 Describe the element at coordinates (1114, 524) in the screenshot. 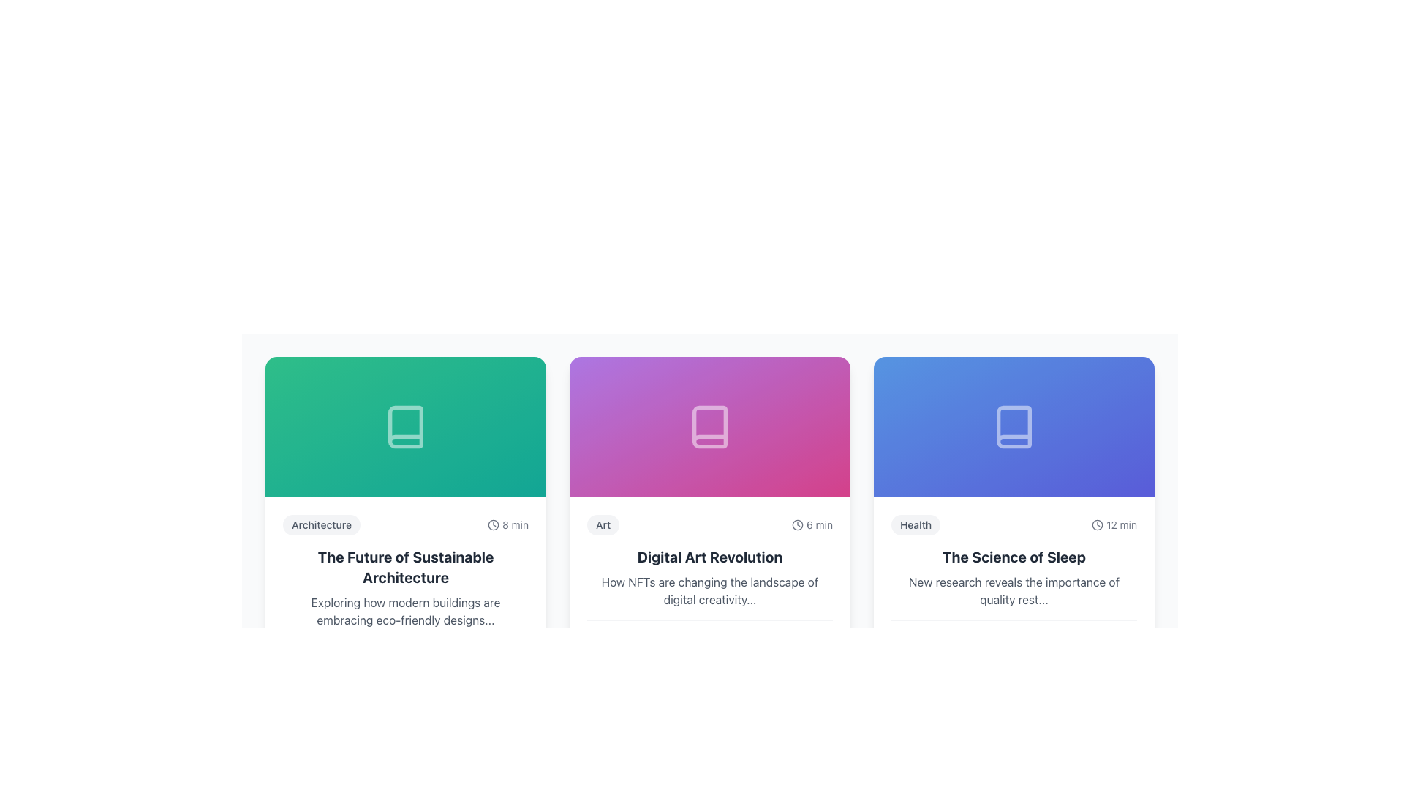

I see `the clock icon and text label grouping displaying '12 min', located to the right of the 'Health' label` at that location.